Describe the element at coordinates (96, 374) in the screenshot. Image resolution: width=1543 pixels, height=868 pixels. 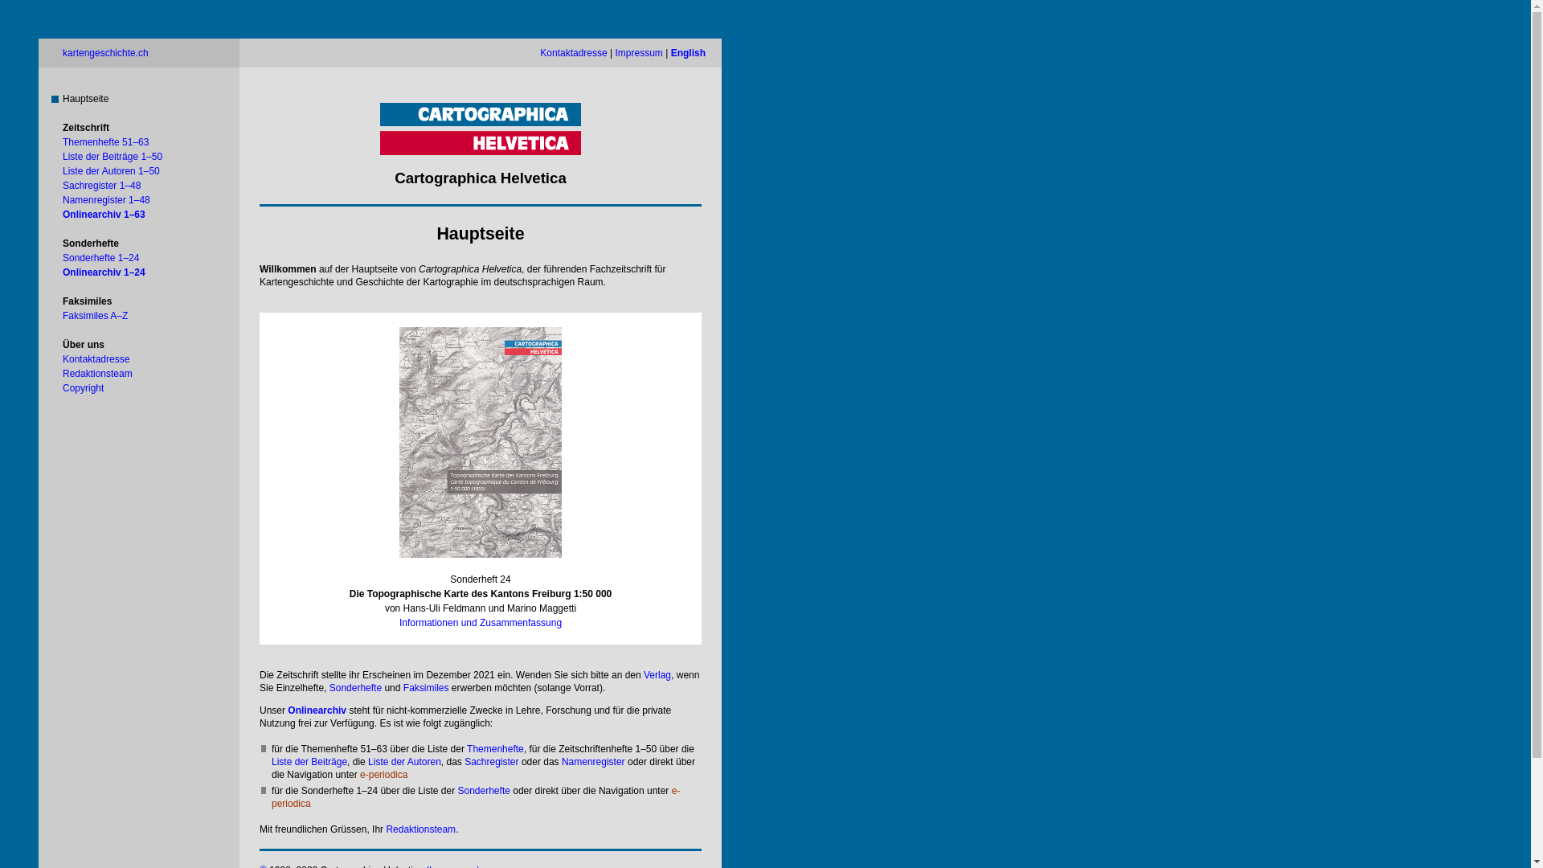
I see `'Redaktionsteam'` at that location.